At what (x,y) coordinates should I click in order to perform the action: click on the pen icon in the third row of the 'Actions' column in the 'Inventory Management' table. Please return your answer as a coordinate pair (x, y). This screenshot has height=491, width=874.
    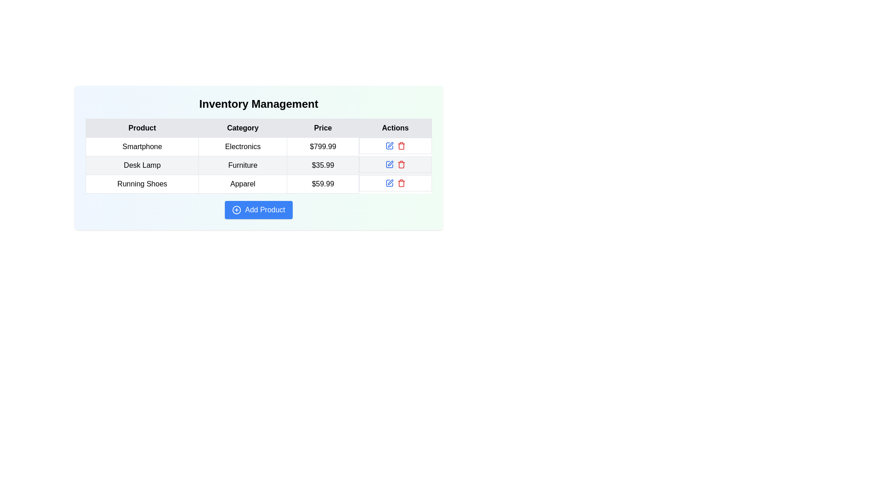
    Looking at the image, I should click on (389, 183).